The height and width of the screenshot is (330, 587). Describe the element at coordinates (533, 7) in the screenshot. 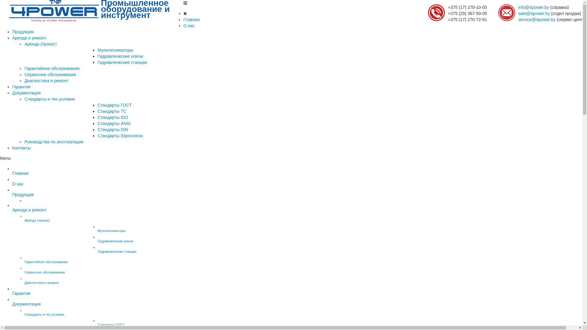

I see `'info@4power.by'` at that location.